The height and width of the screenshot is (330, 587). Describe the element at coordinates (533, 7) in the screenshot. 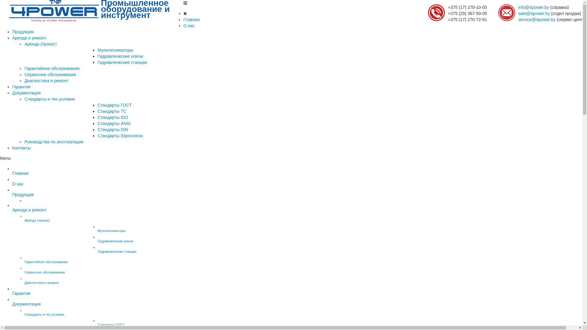

I see `'info@4power.by'` at that location.